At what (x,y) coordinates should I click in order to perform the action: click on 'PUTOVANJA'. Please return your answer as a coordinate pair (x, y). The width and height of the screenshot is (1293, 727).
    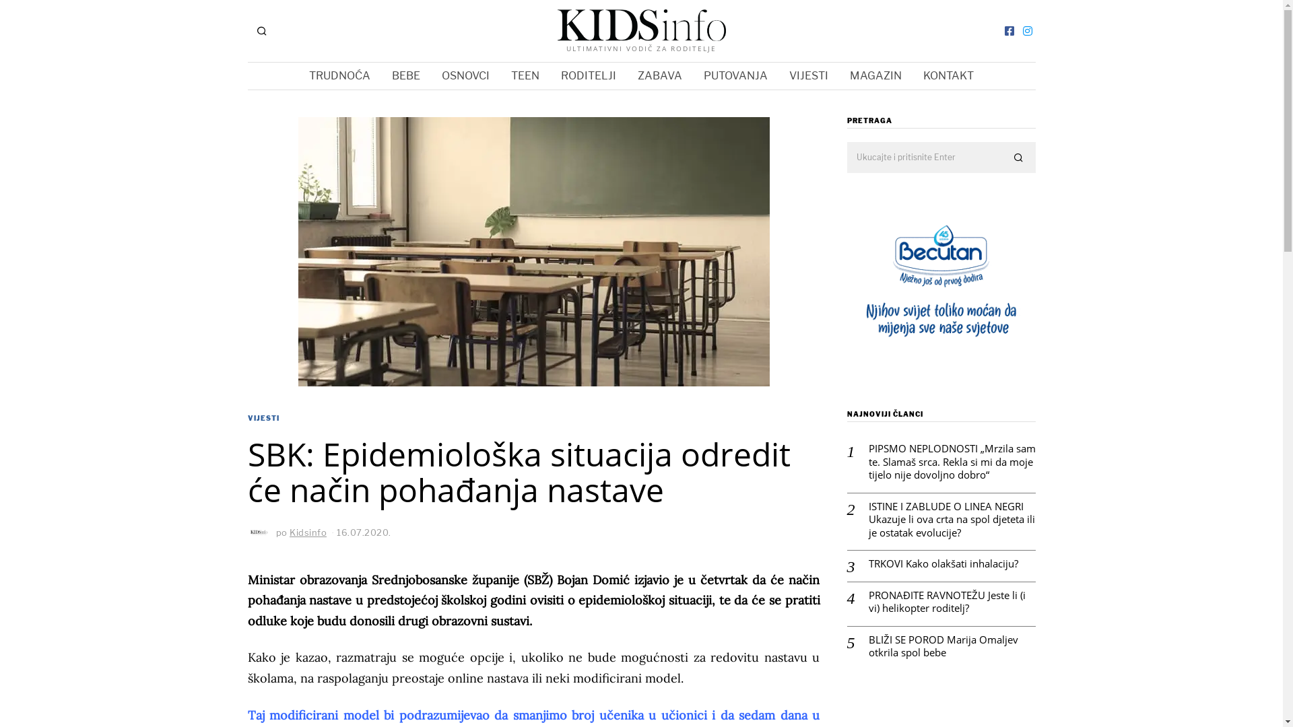
    Looking at the image, I should click on (694, 75).